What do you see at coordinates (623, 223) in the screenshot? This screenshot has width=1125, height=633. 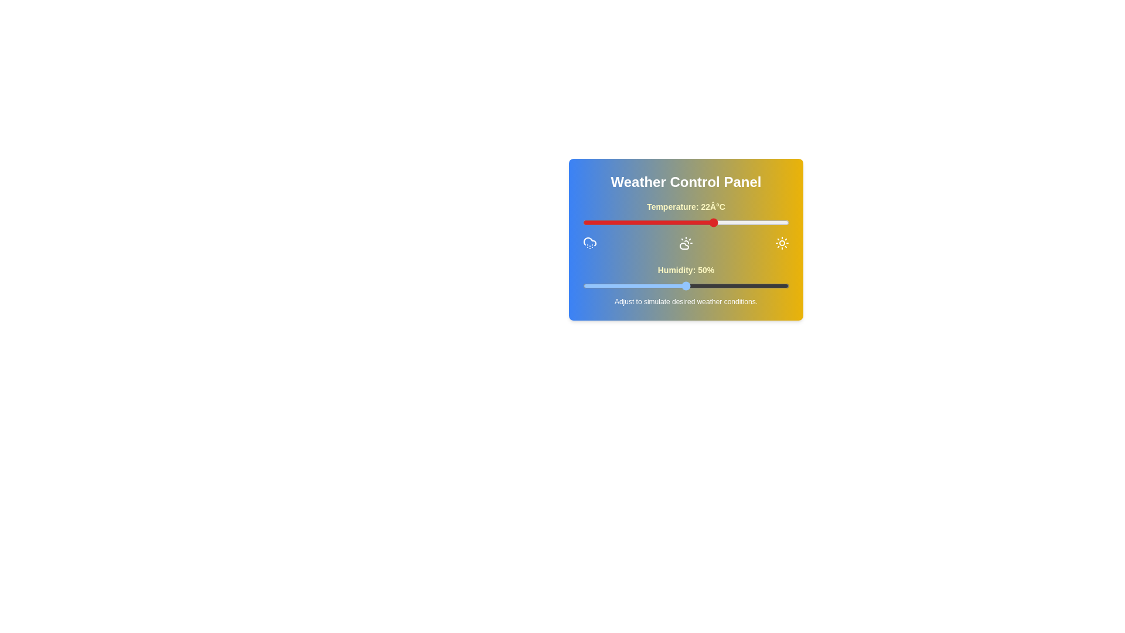 I see `the temperature` at bounding box center [623, 223].